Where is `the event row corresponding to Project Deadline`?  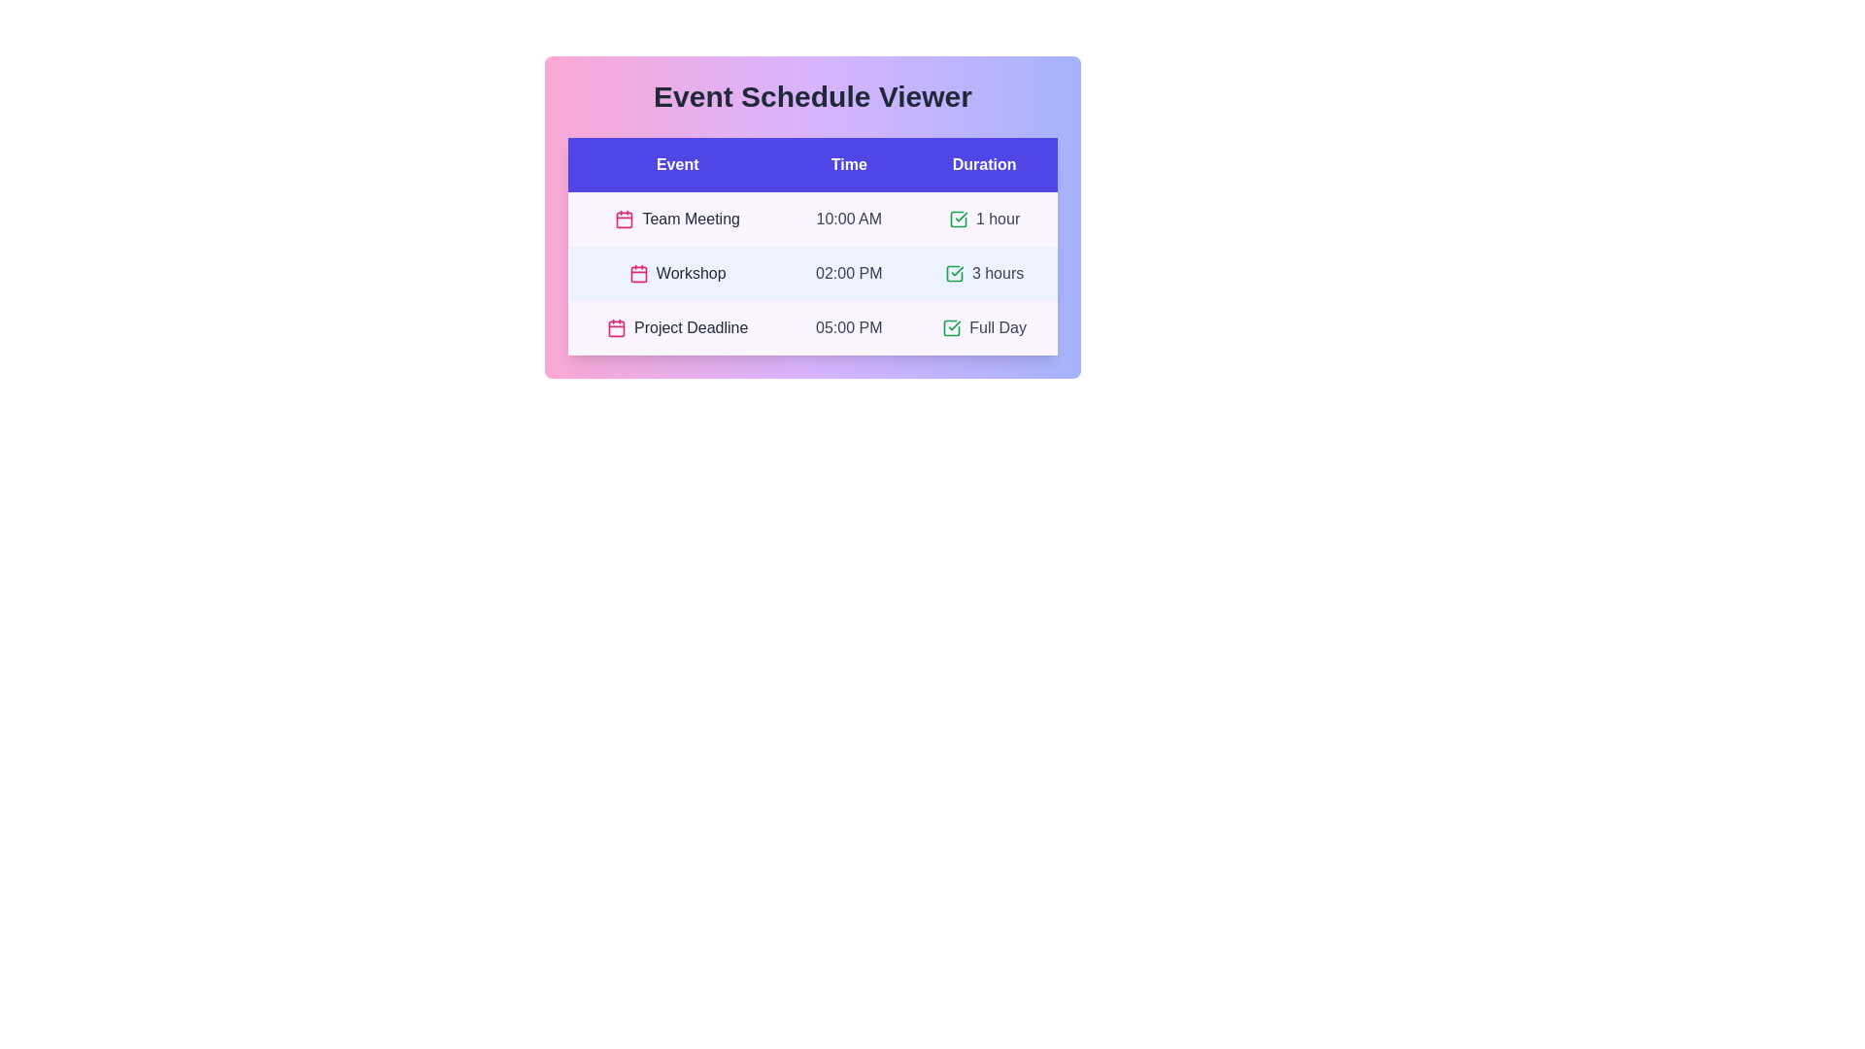 the event row corresponding to Project Deadline is located at coordinates (812, 327).